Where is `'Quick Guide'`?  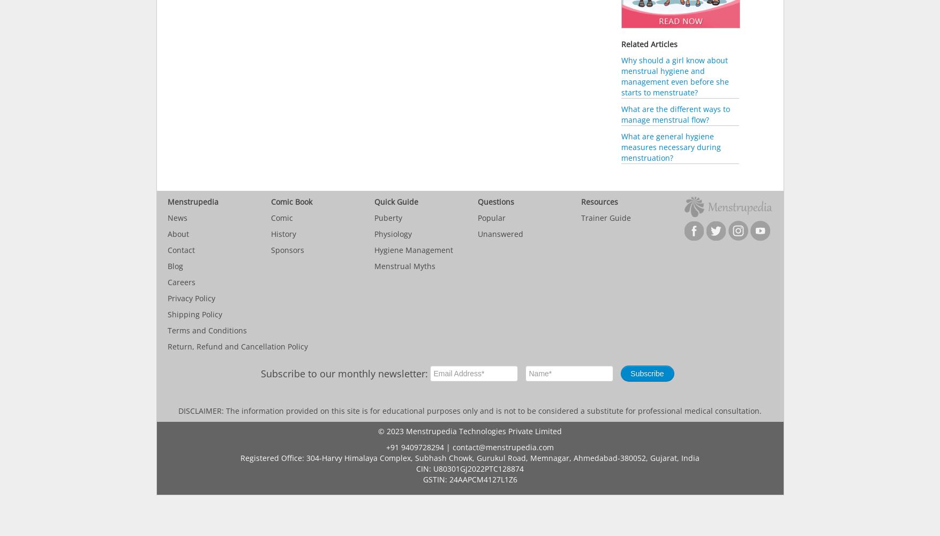 'Quick Guide' is located at coordinates (395, 202).